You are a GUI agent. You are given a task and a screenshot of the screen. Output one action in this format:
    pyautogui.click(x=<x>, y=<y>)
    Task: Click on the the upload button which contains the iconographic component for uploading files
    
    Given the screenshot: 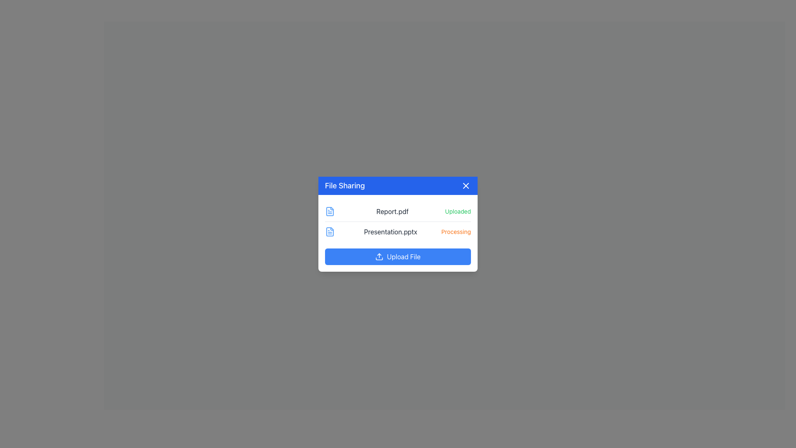 What is the action you would take?
    pyautogui.click(x=379, y=258)
    